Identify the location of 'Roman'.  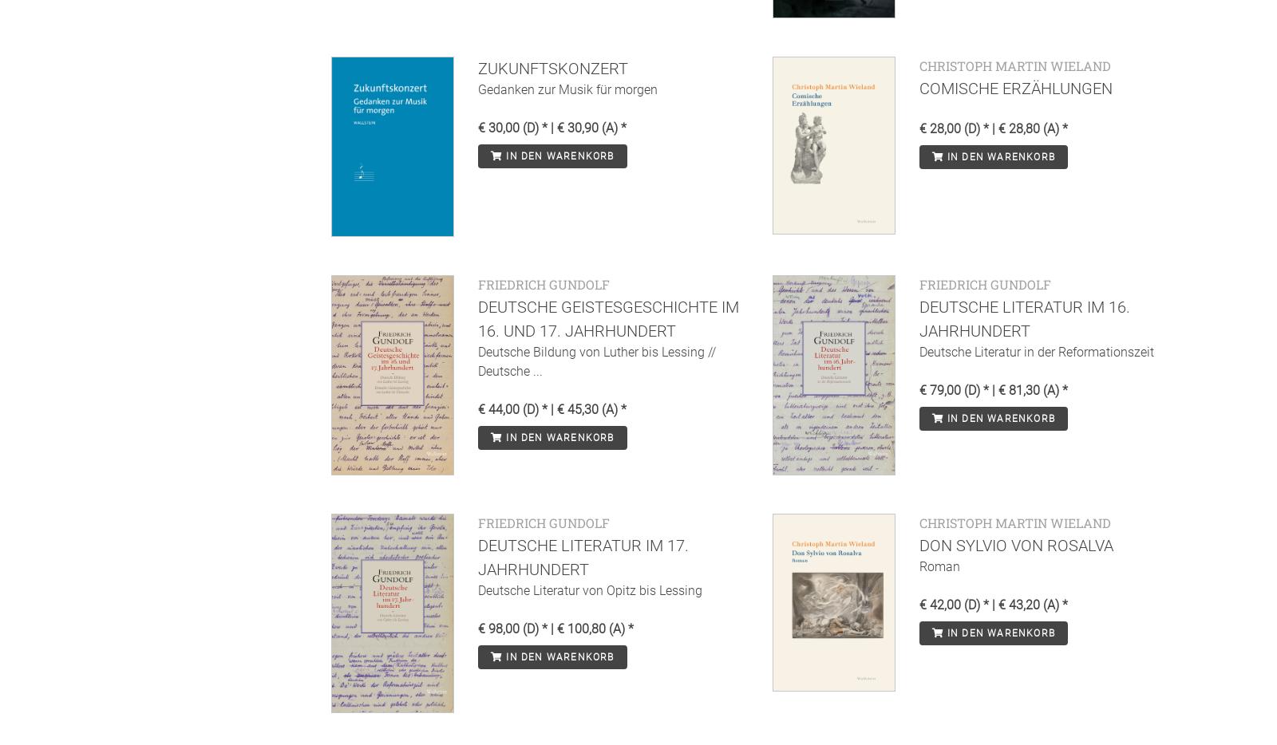
(919, 566).